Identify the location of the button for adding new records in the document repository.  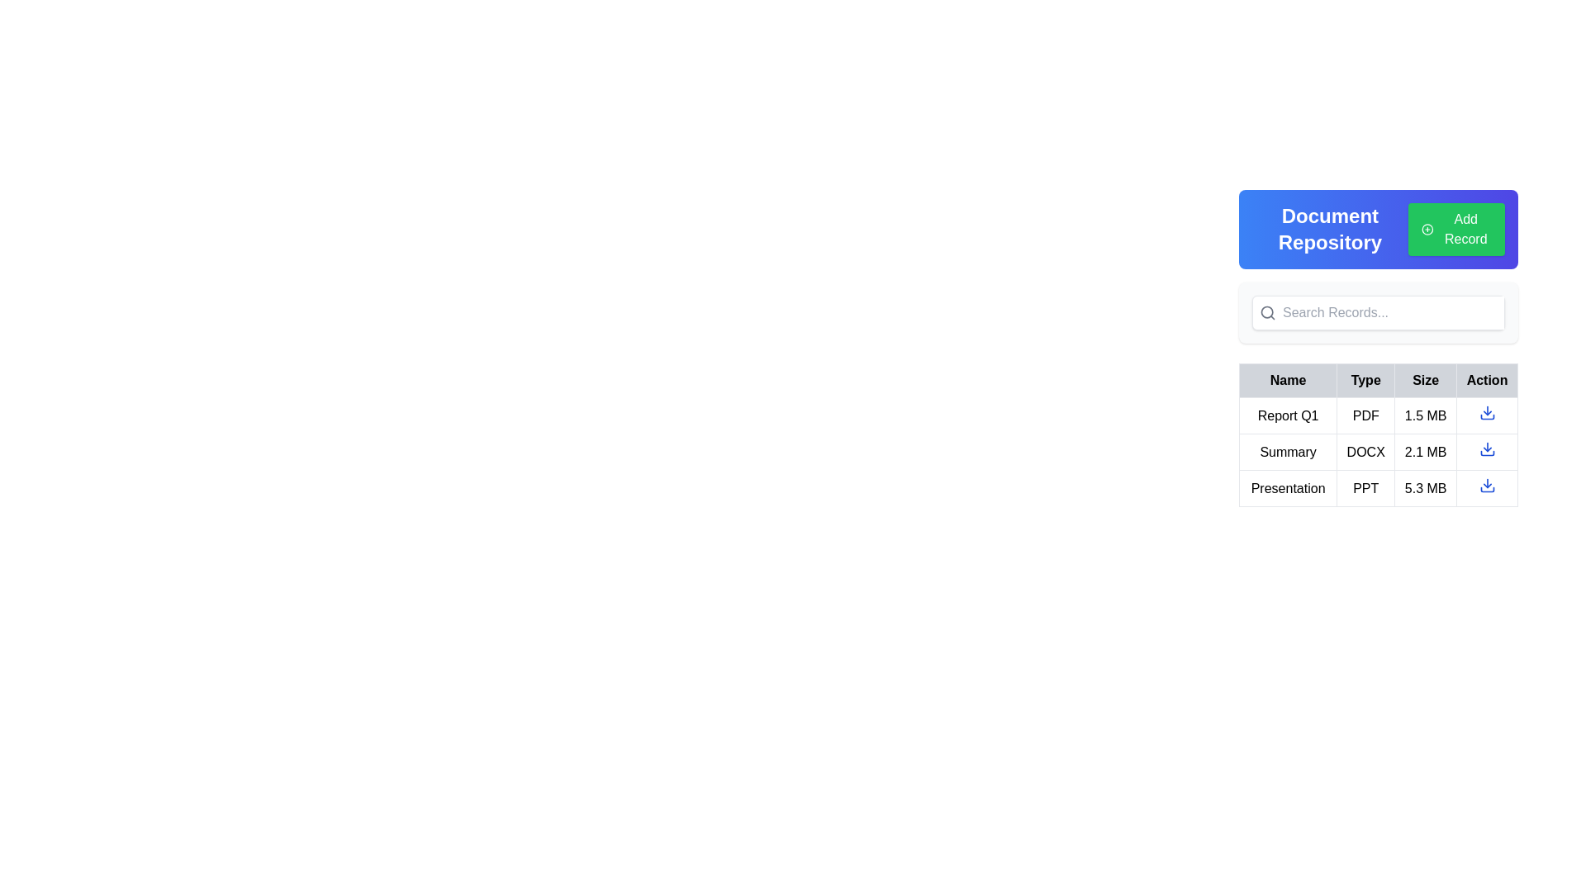
(1456, 229).